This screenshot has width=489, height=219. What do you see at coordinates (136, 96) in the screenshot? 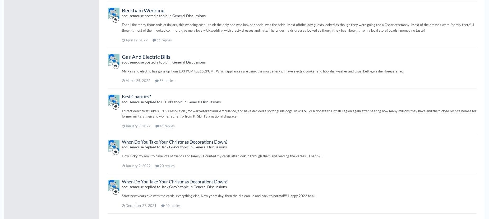
I see `'Best Charities?'` at bounding box center [136, 96].